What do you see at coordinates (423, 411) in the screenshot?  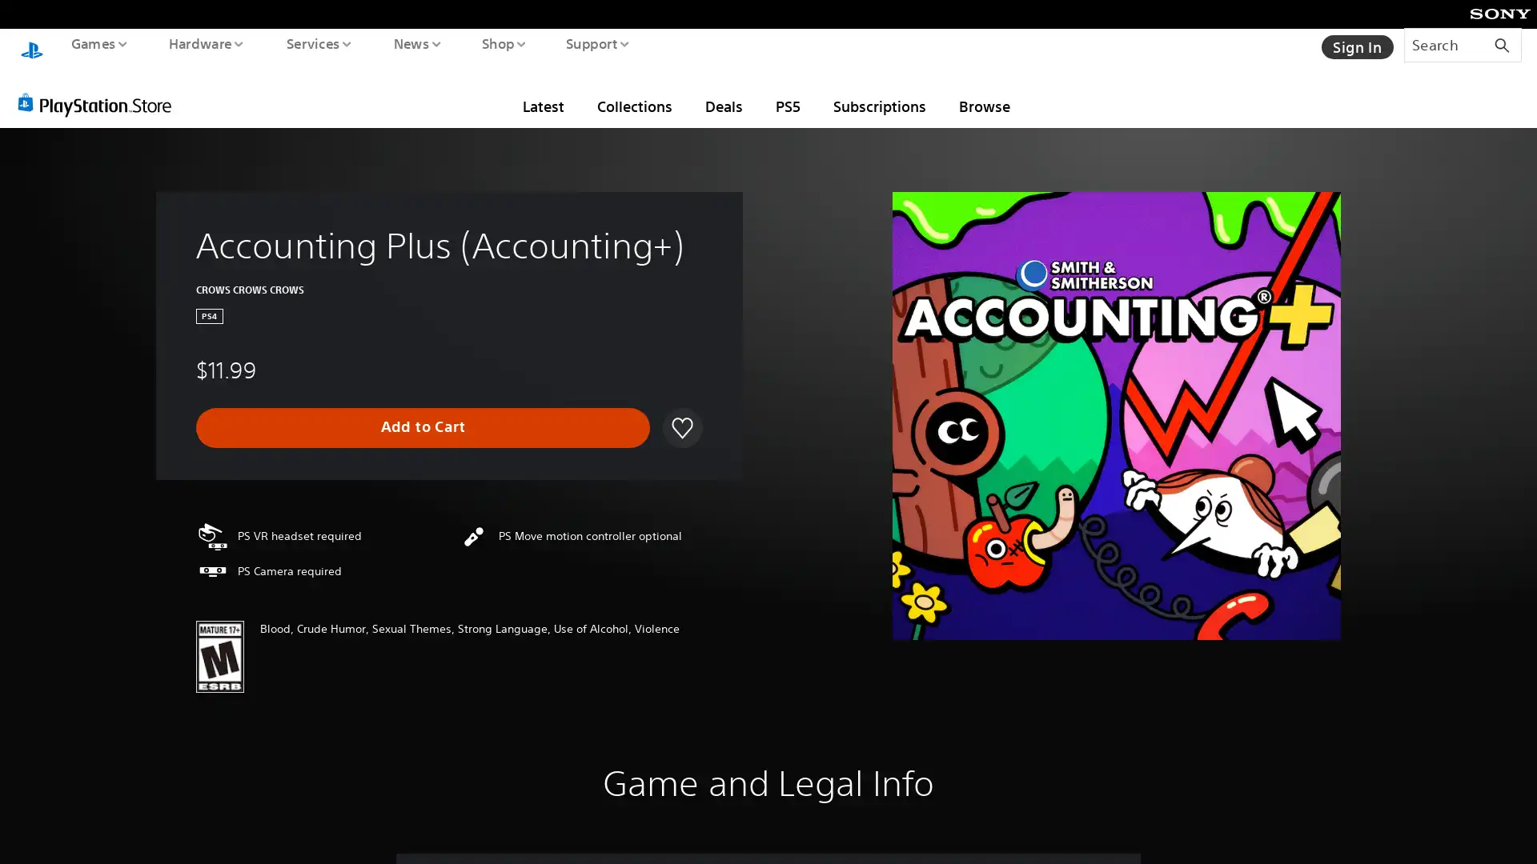 I see `Add to Cart` at bounding box center [423, 411].